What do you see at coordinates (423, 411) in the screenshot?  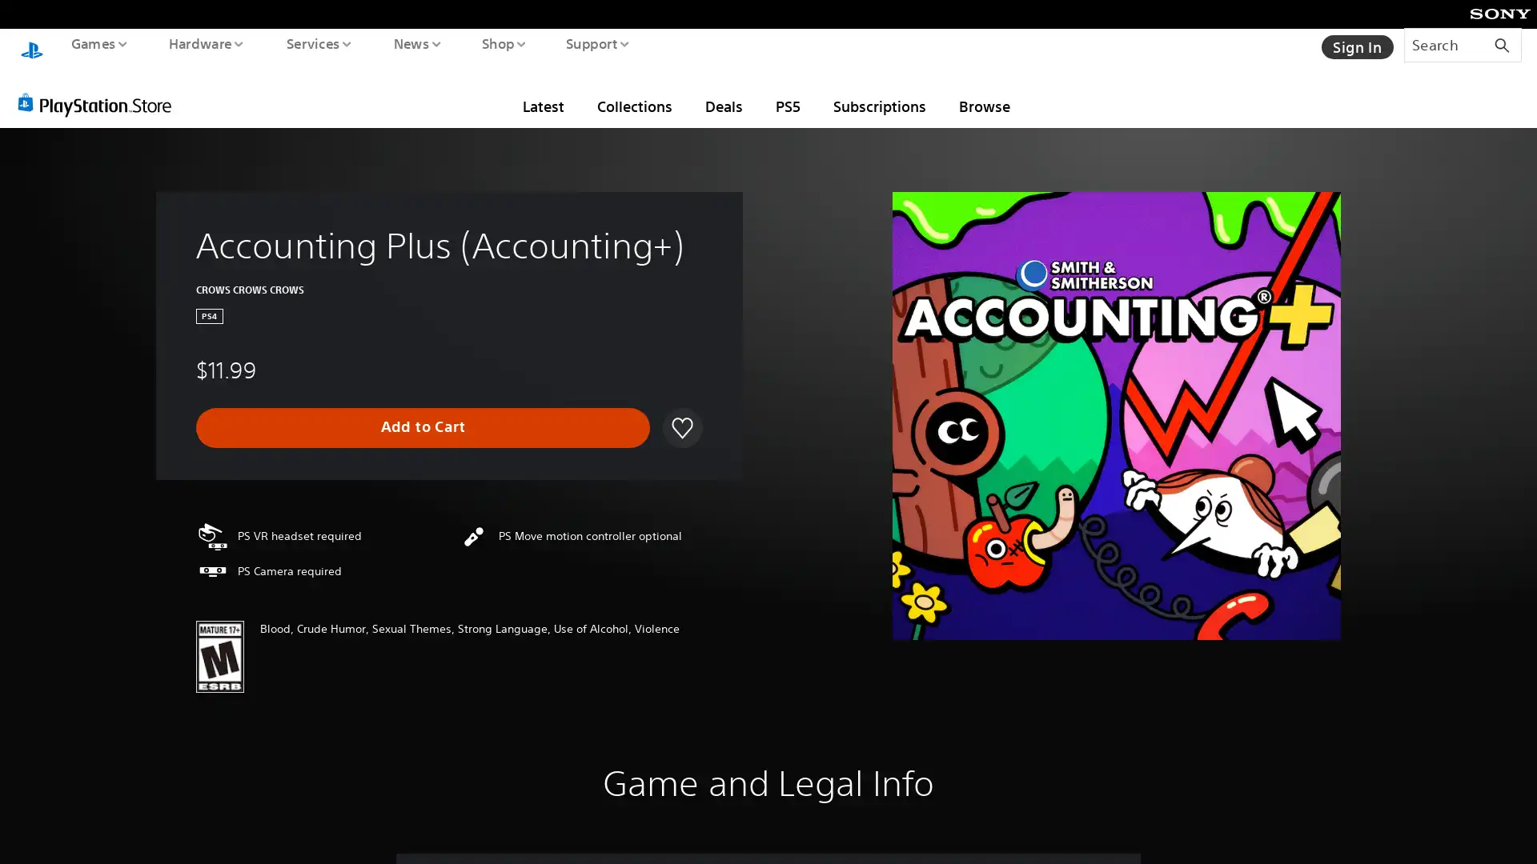 I see `Add to Cart` at bounding box center [423, 411].